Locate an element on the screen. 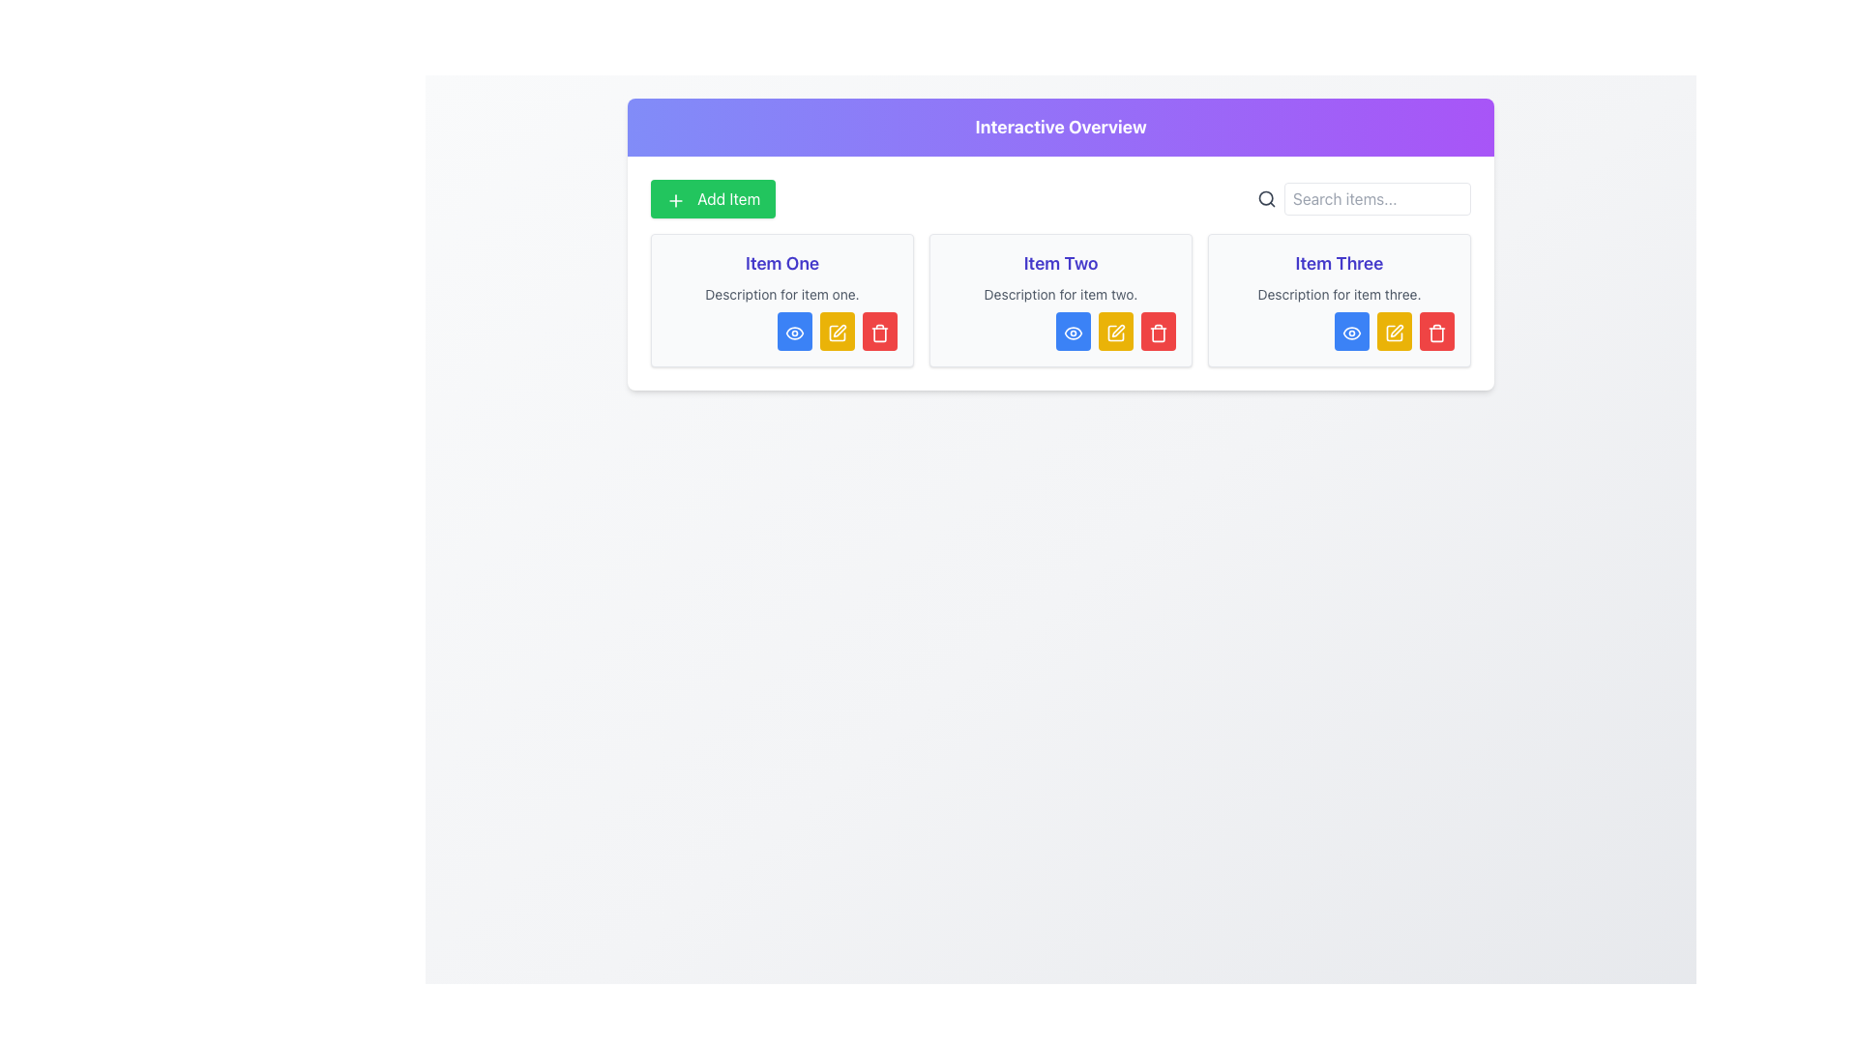 This screenshot has height=1044, width=1857. the text label providing information about the 'Item Three' card, which is located below the title text 'Item Three' and above the buttons in the same card is located at coordinates (1339, 294).